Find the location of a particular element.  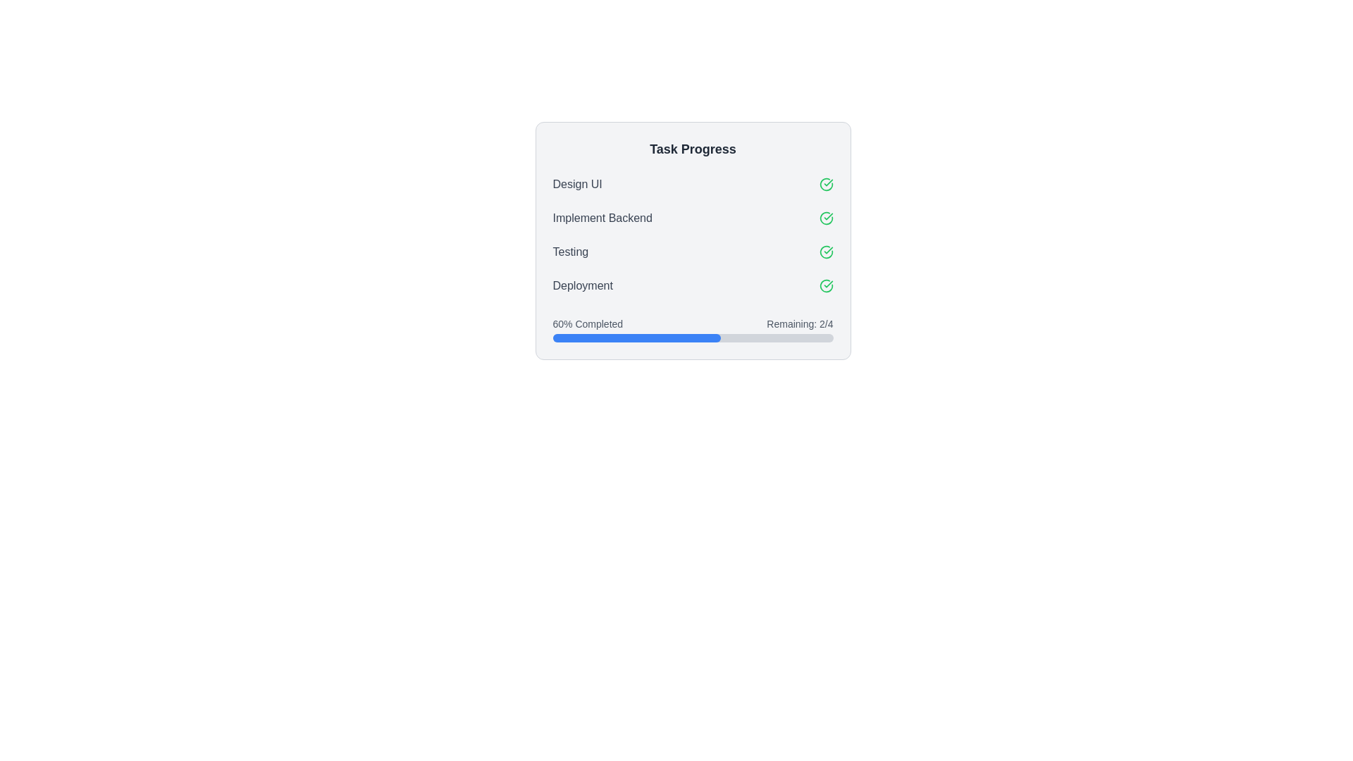

text label displaying '60% Completed' to comprehend the task progress, which is styled in a small gray font and is part of the progress indicator section near the progress bar is located at coordinates (588, 323).